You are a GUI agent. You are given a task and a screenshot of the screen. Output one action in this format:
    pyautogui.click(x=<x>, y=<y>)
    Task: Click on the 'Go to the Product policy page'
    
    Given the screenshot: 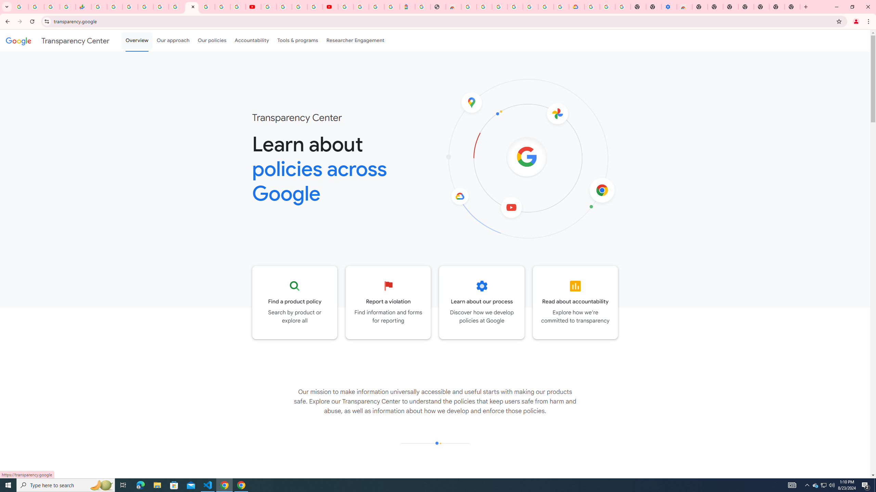 What is the action you would take?
    pyautogui.click(x=295, y=302)
    